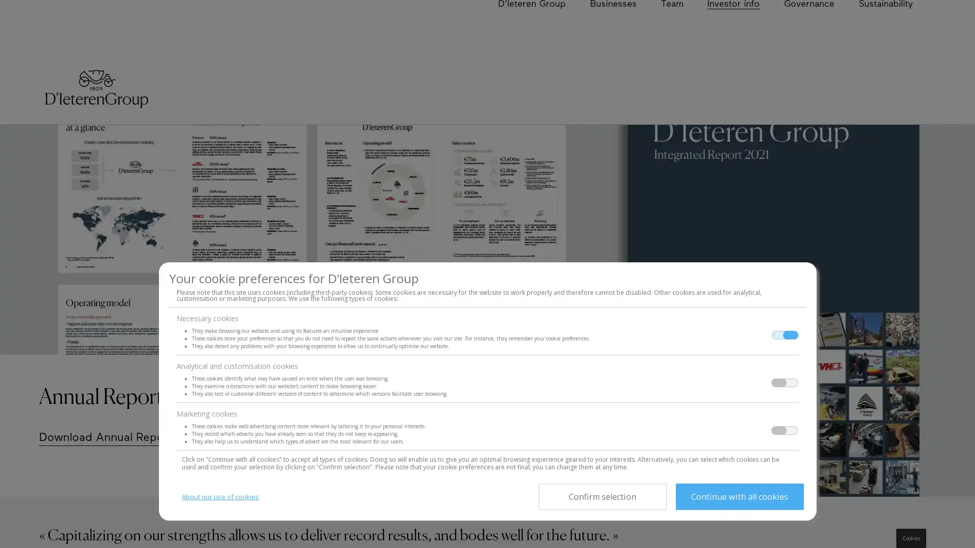  Describe the element at coordinates (739, 496) in the screenshot. I see `Close Consent Modal` at that location.